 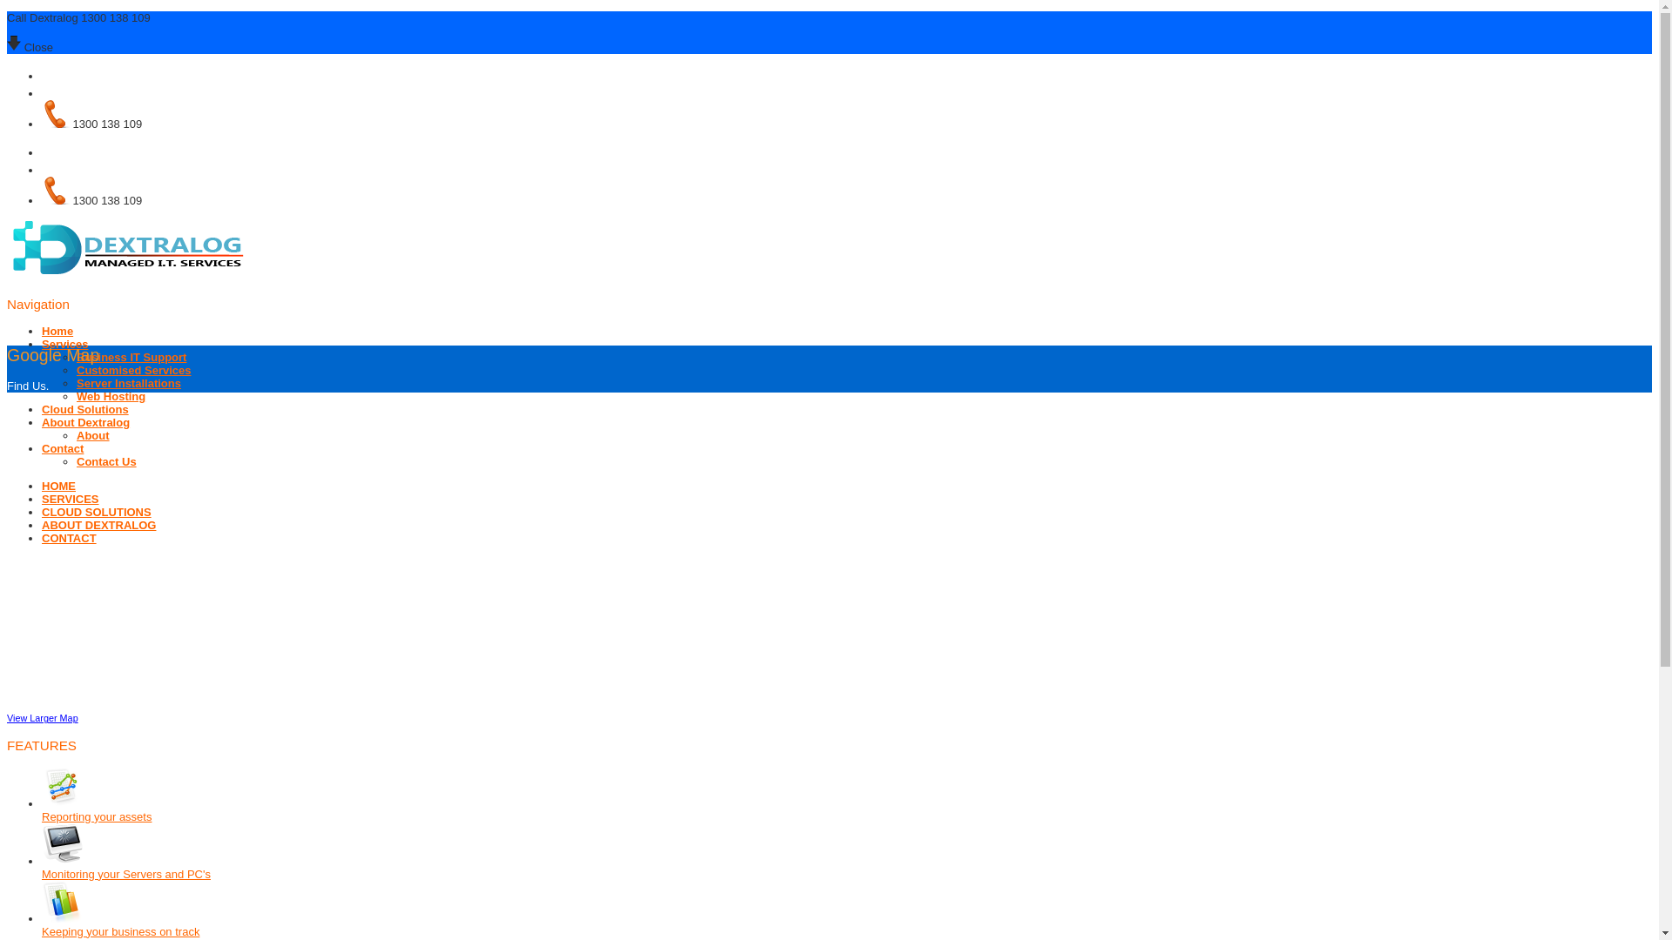 What do you see at coordinates (130, 356) in the screenshot?
I see `'Business IT Support'` at bounding box center [130, 356].